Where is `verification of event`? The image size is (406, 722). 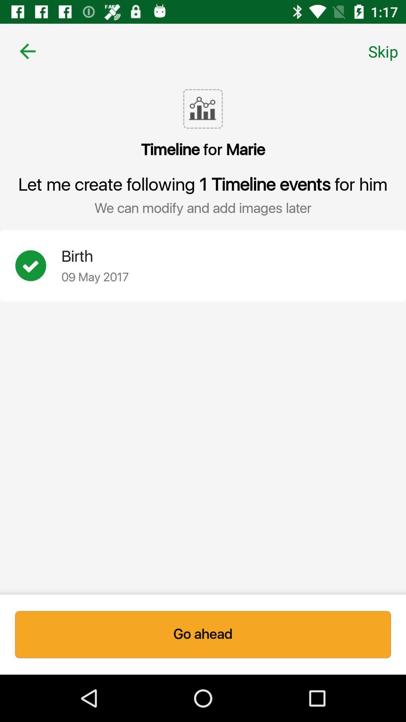 verification of event is located at coordinates (38, 265).